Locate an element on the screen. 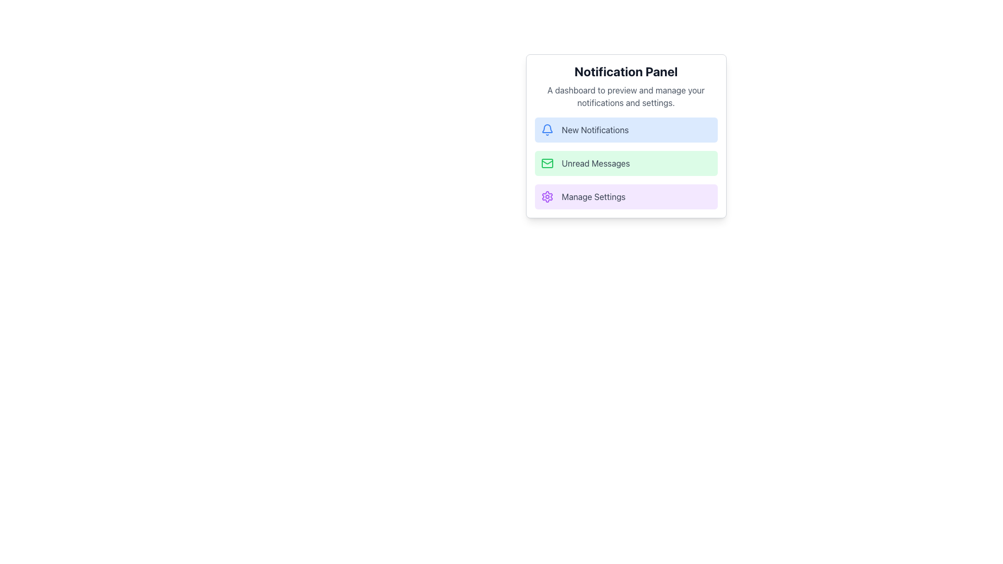 The height and width of the screenshot is (564, 1003). the notification icon located at the top left of the 'New Notifications' card to interact with it, assuming it supports interaction is located at coordinates (546, 130).